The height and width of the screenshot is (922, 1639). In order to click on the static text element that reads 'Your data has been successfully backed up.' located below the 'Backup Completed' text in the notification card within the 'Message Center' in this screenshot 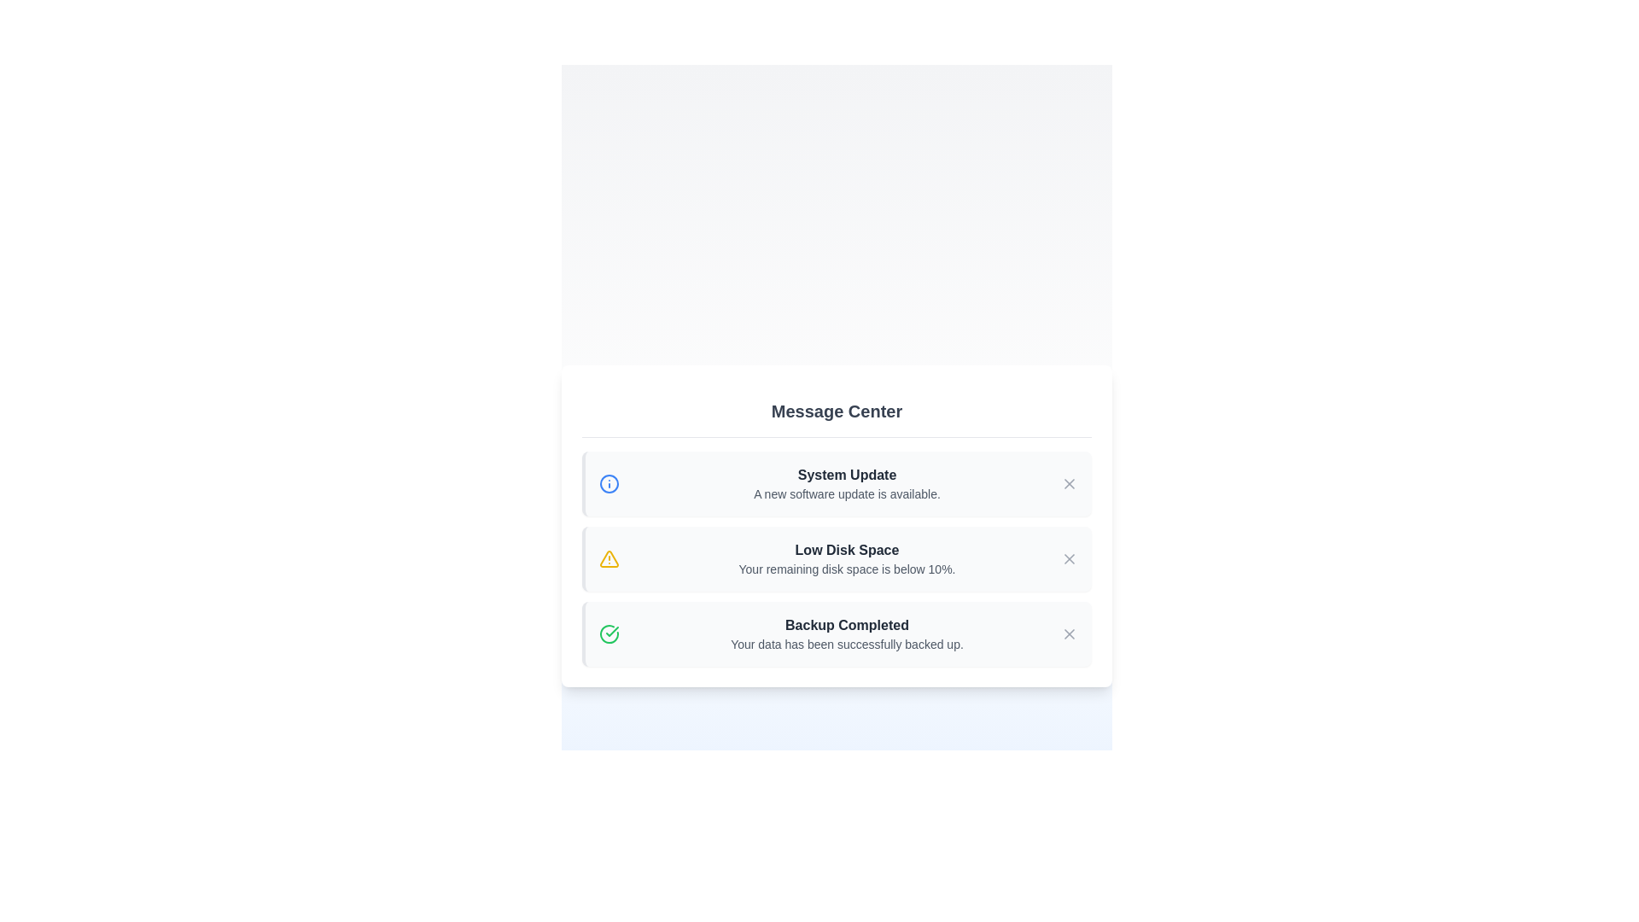, I will do `click(847, 644)`.